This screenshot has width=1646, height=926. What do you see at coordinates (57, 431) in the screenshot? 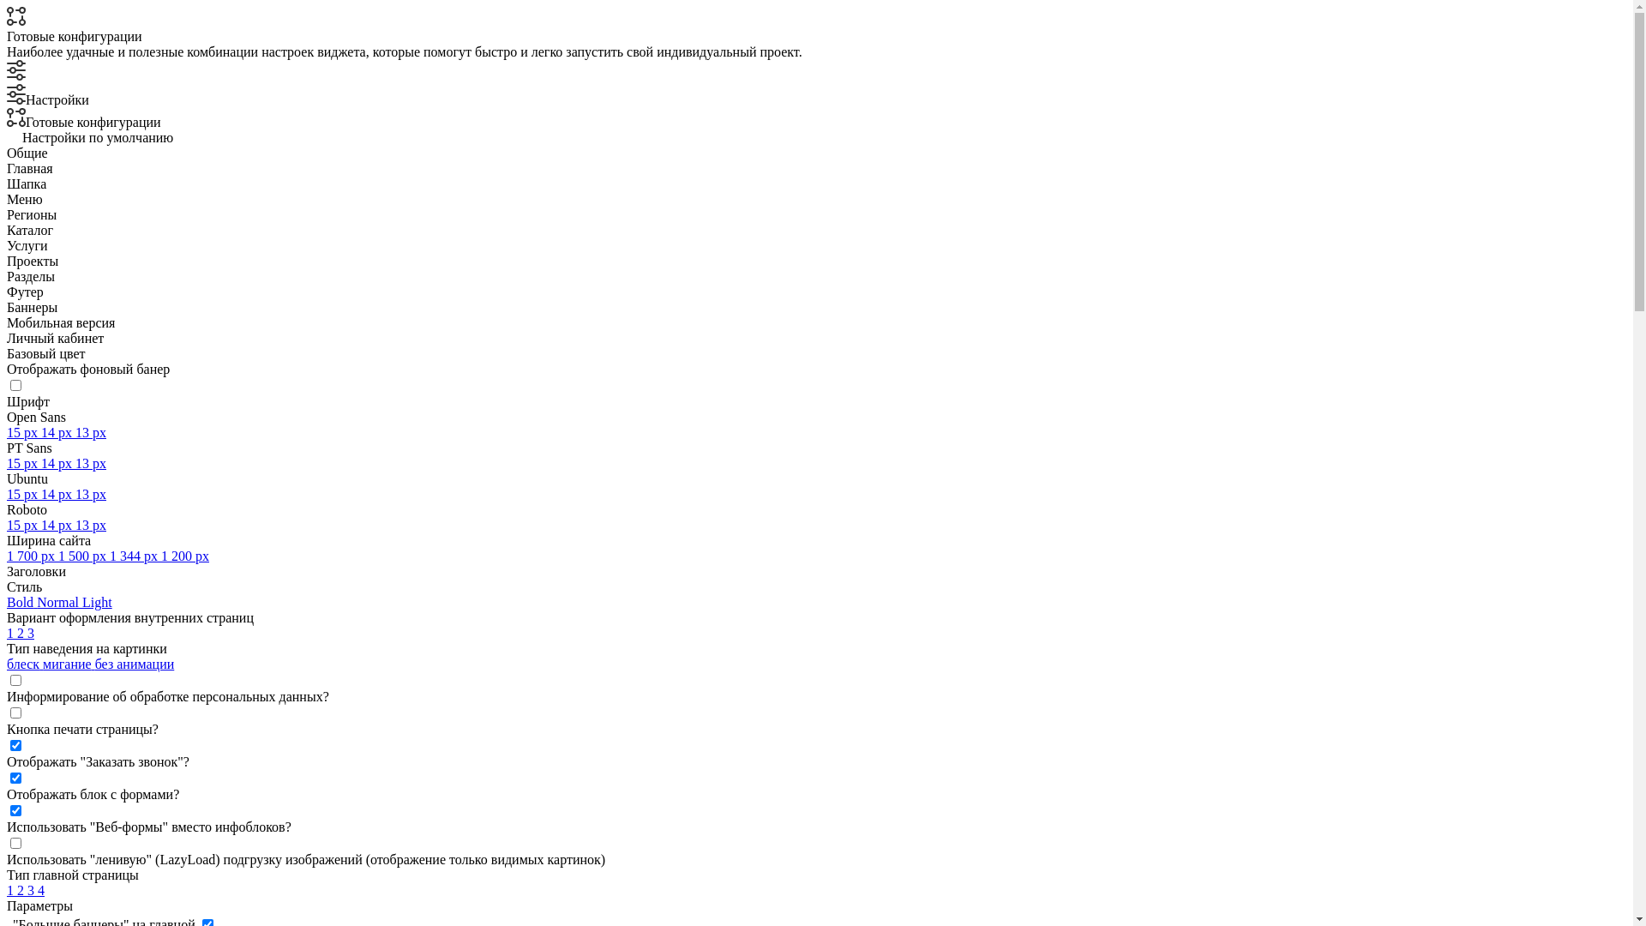
I see `'14 px'` at bounding box center [57, 431].